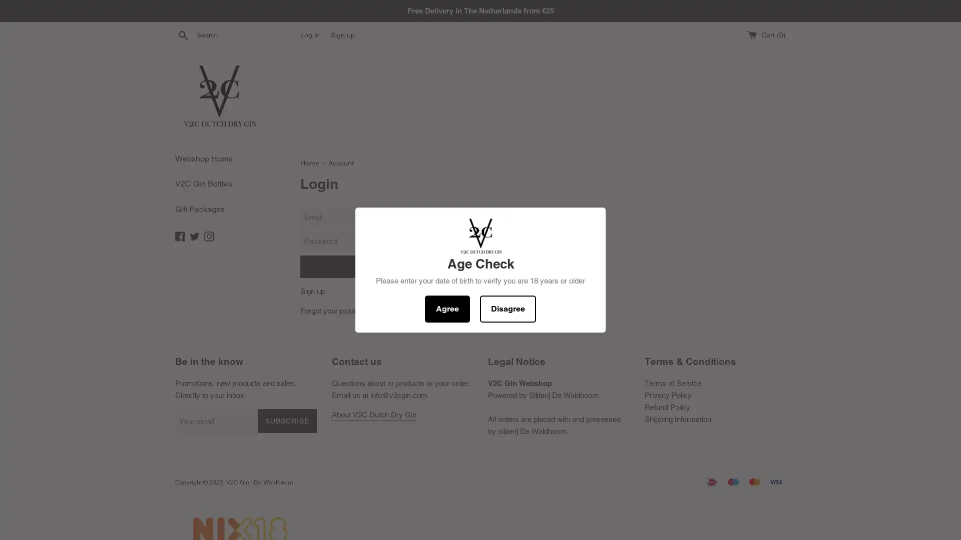  Describe the element at coordinates (286, 420) in the screenshot. I see `SUBSCRIBE` at that location.